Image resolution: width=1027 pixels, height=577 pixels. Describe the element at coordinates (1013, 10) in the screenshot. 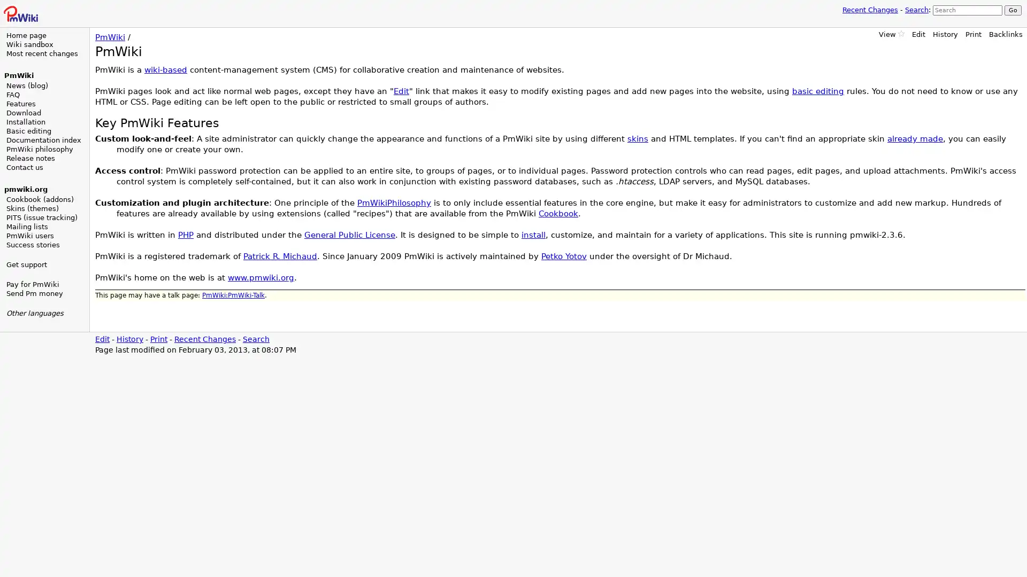

I see `Go` at that location.